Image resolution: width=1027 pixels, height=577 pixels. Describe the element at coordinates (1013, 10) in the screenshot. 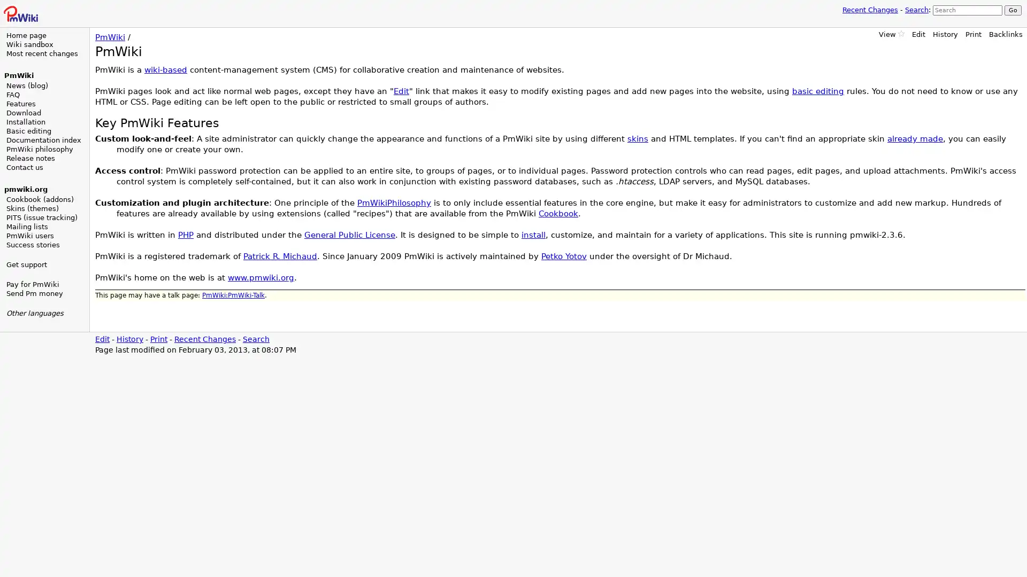

I see `Go` at that location.